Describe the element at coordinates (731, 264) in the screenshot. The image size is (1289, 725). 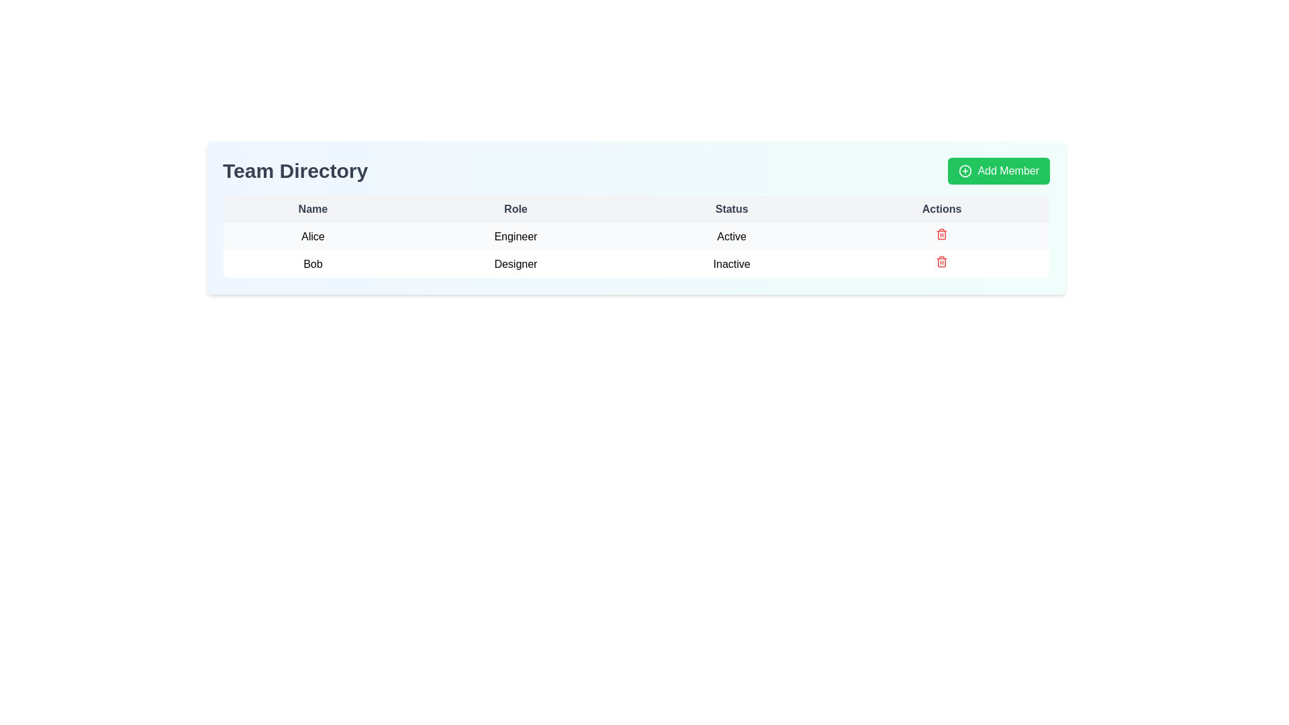
I see `the text label displaying 'Inactive' which is located in the second row and third column of the table under the 'Status' column for the row labeled 'Bob' and 'Designer'` at that location.